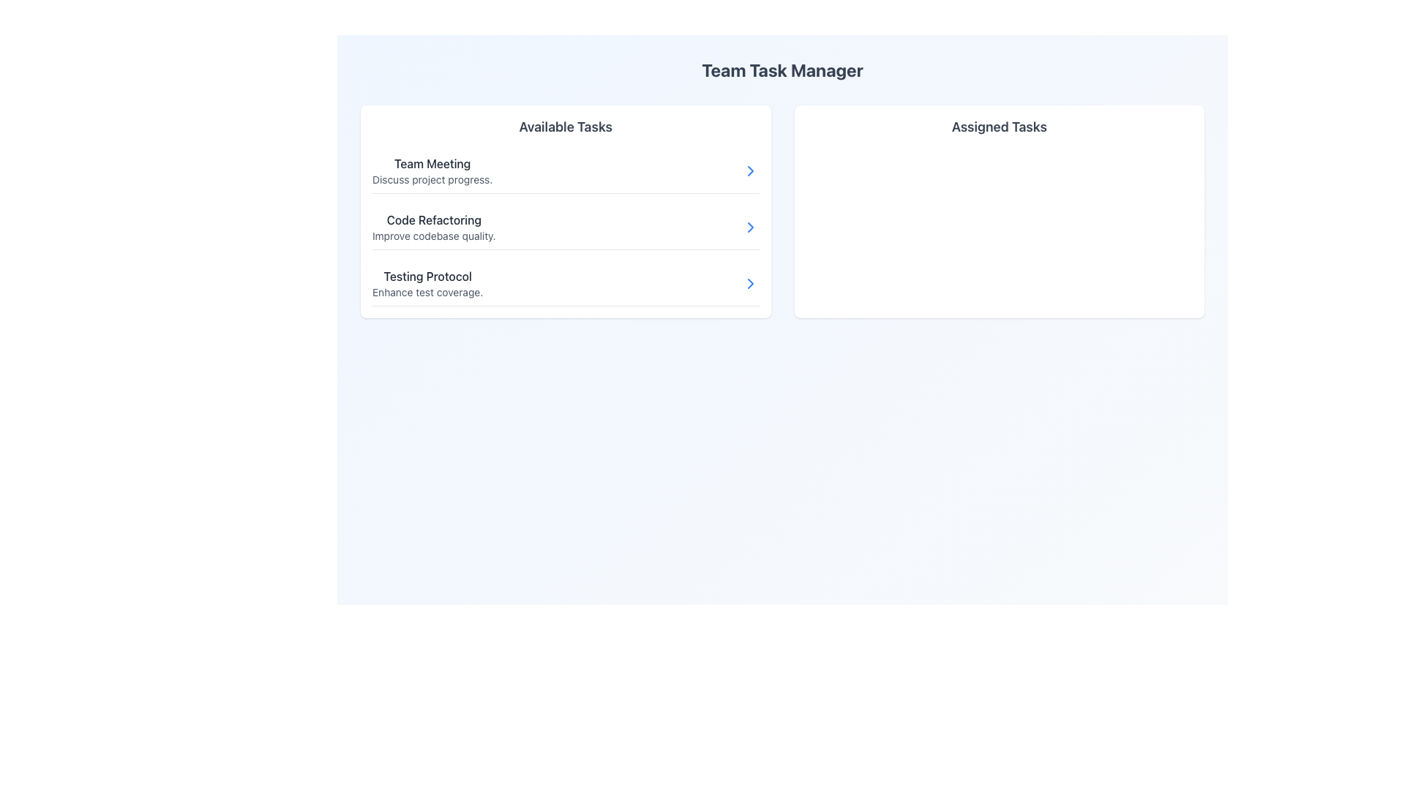 The width and height of the screenshot is (1405, 790). I want to click on the text label displaying 'Discuss project progress.' which is positioned below the 'Team Meeting' title in the 'Available Tasks' panel, so click(432, 179).